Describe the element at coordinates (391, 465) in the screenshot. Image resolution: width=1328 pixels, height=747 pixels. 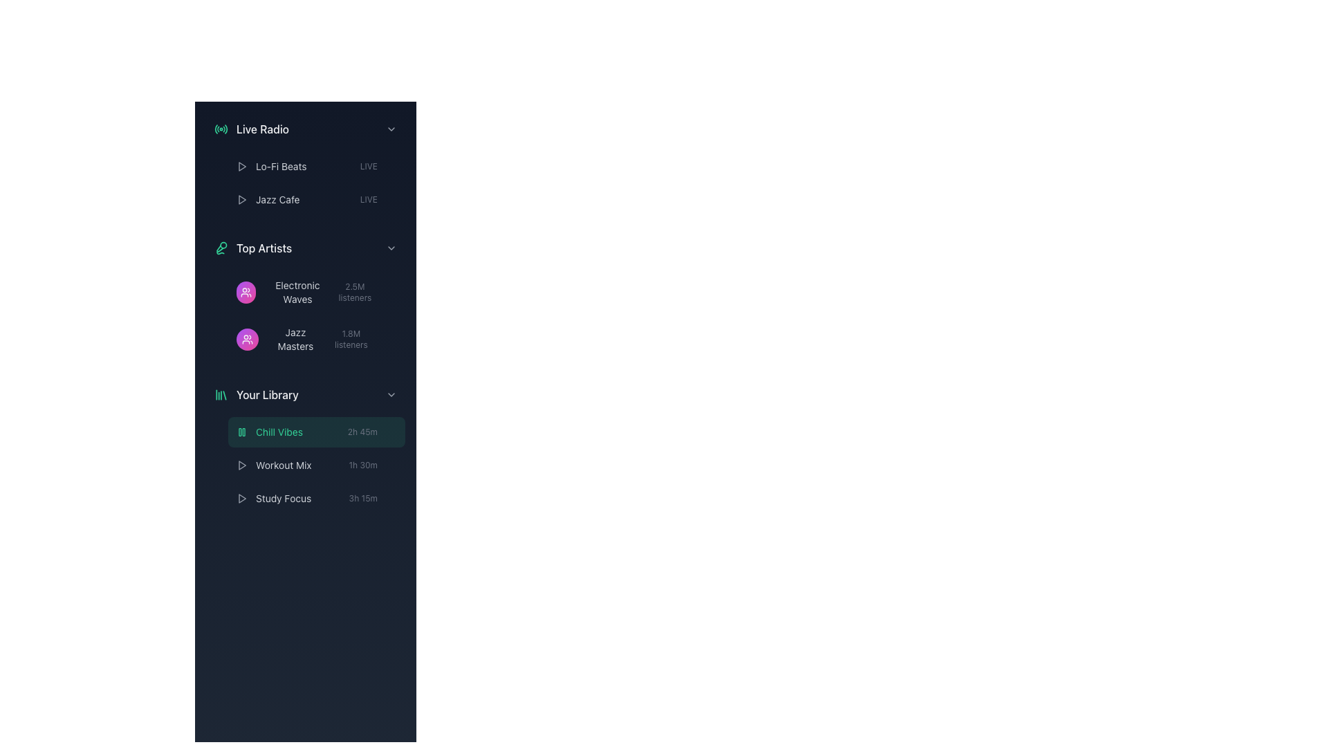
I see `heart icon located in the 'Workout Mix' row under 'Your Library' to view its current state` at that location.